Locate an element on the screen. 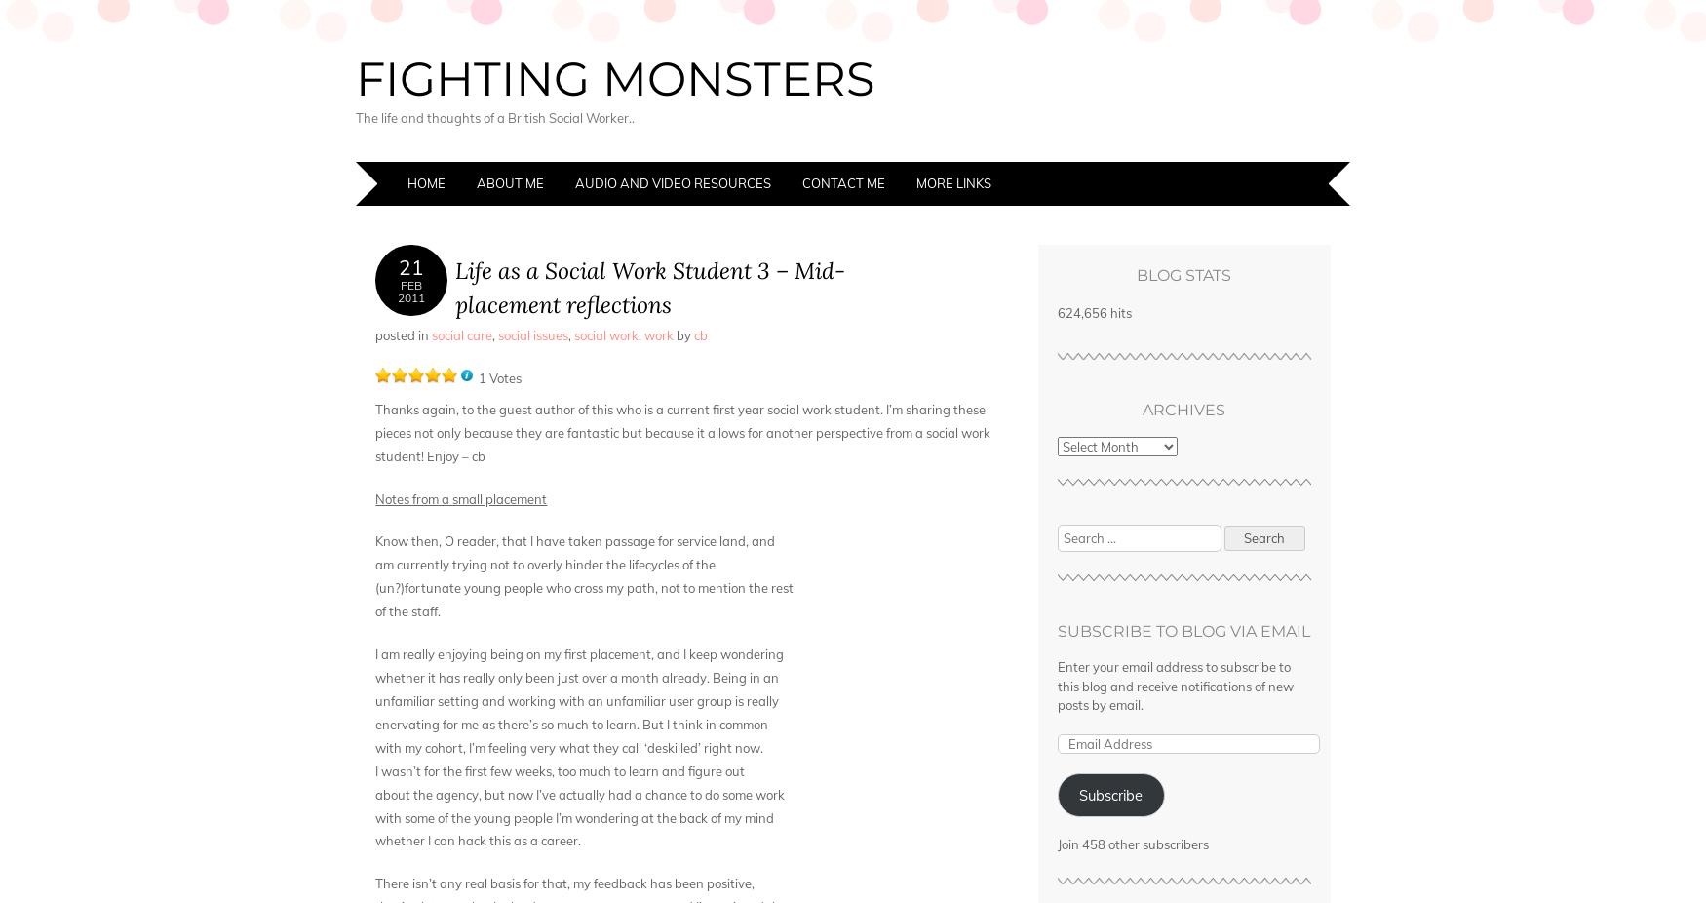  'Enter your email address to subscribe to this blog and receive notifications of new posts by email.' is located at coordinates (1056, 686).